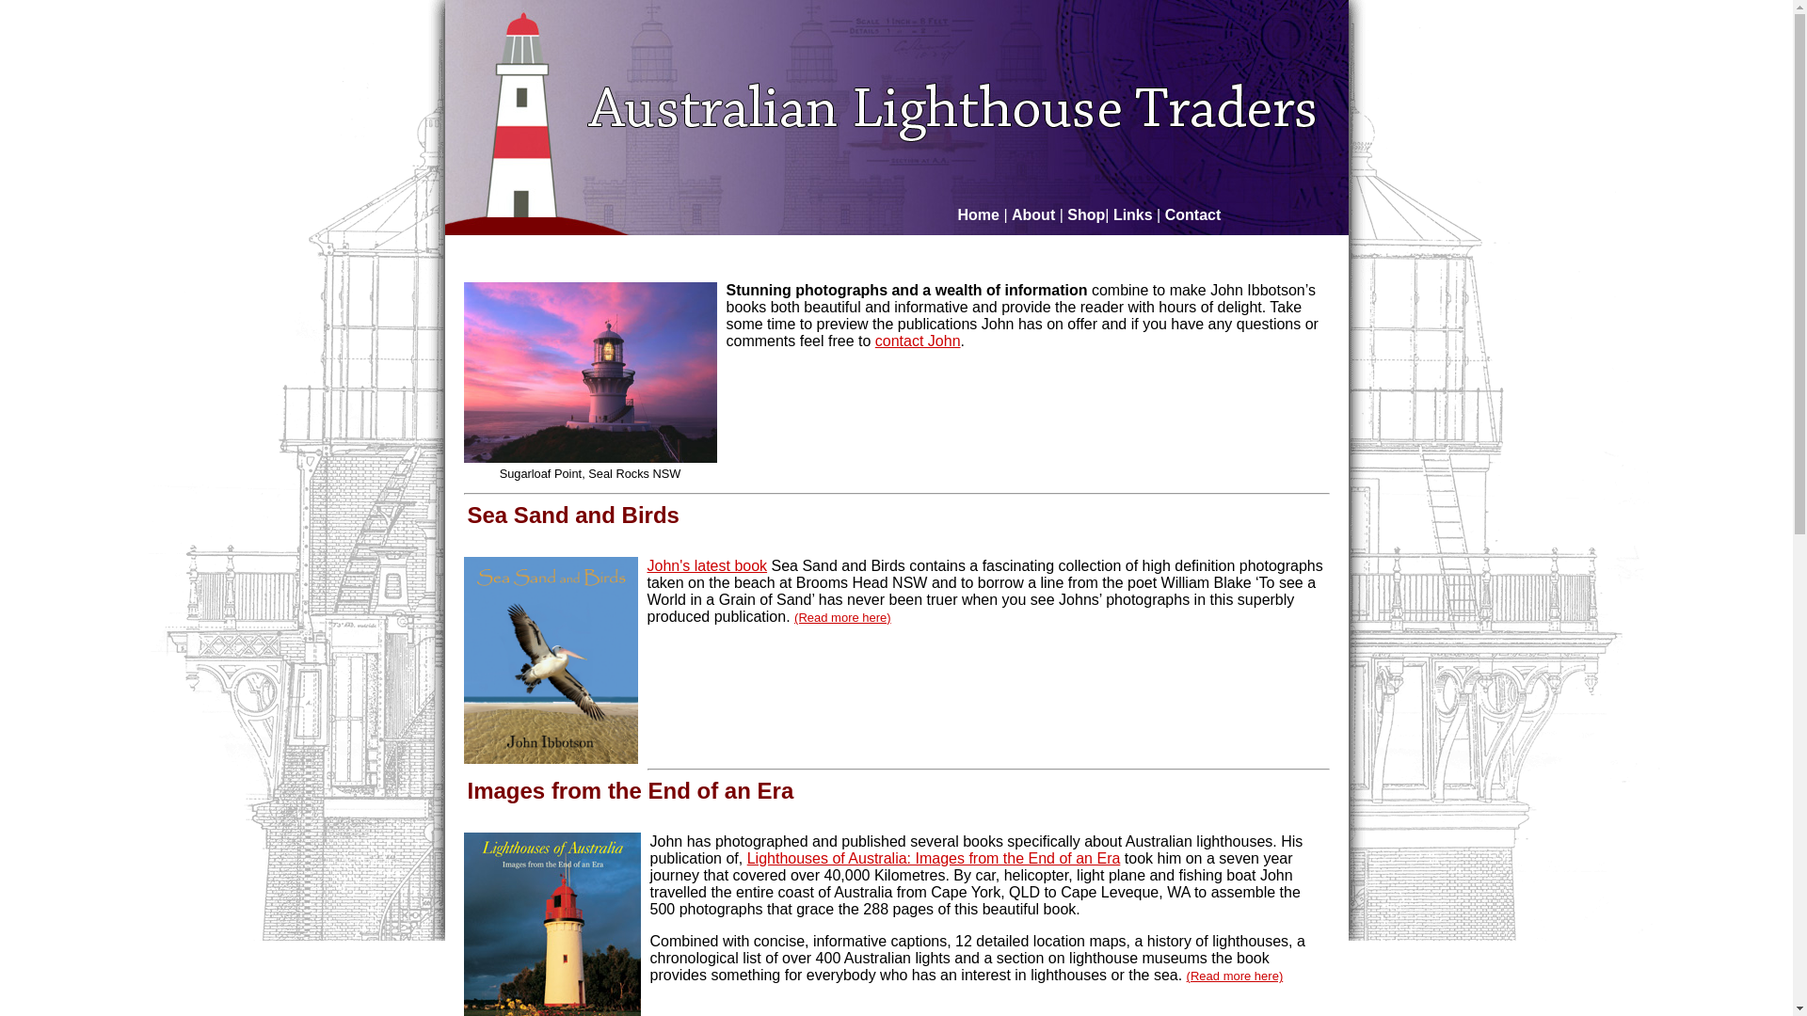 The width and height of the screenshot is (1807, 1016). I want to click on 'Lighthouses of Australia: Images from the End of an Era', so click(934, 858).